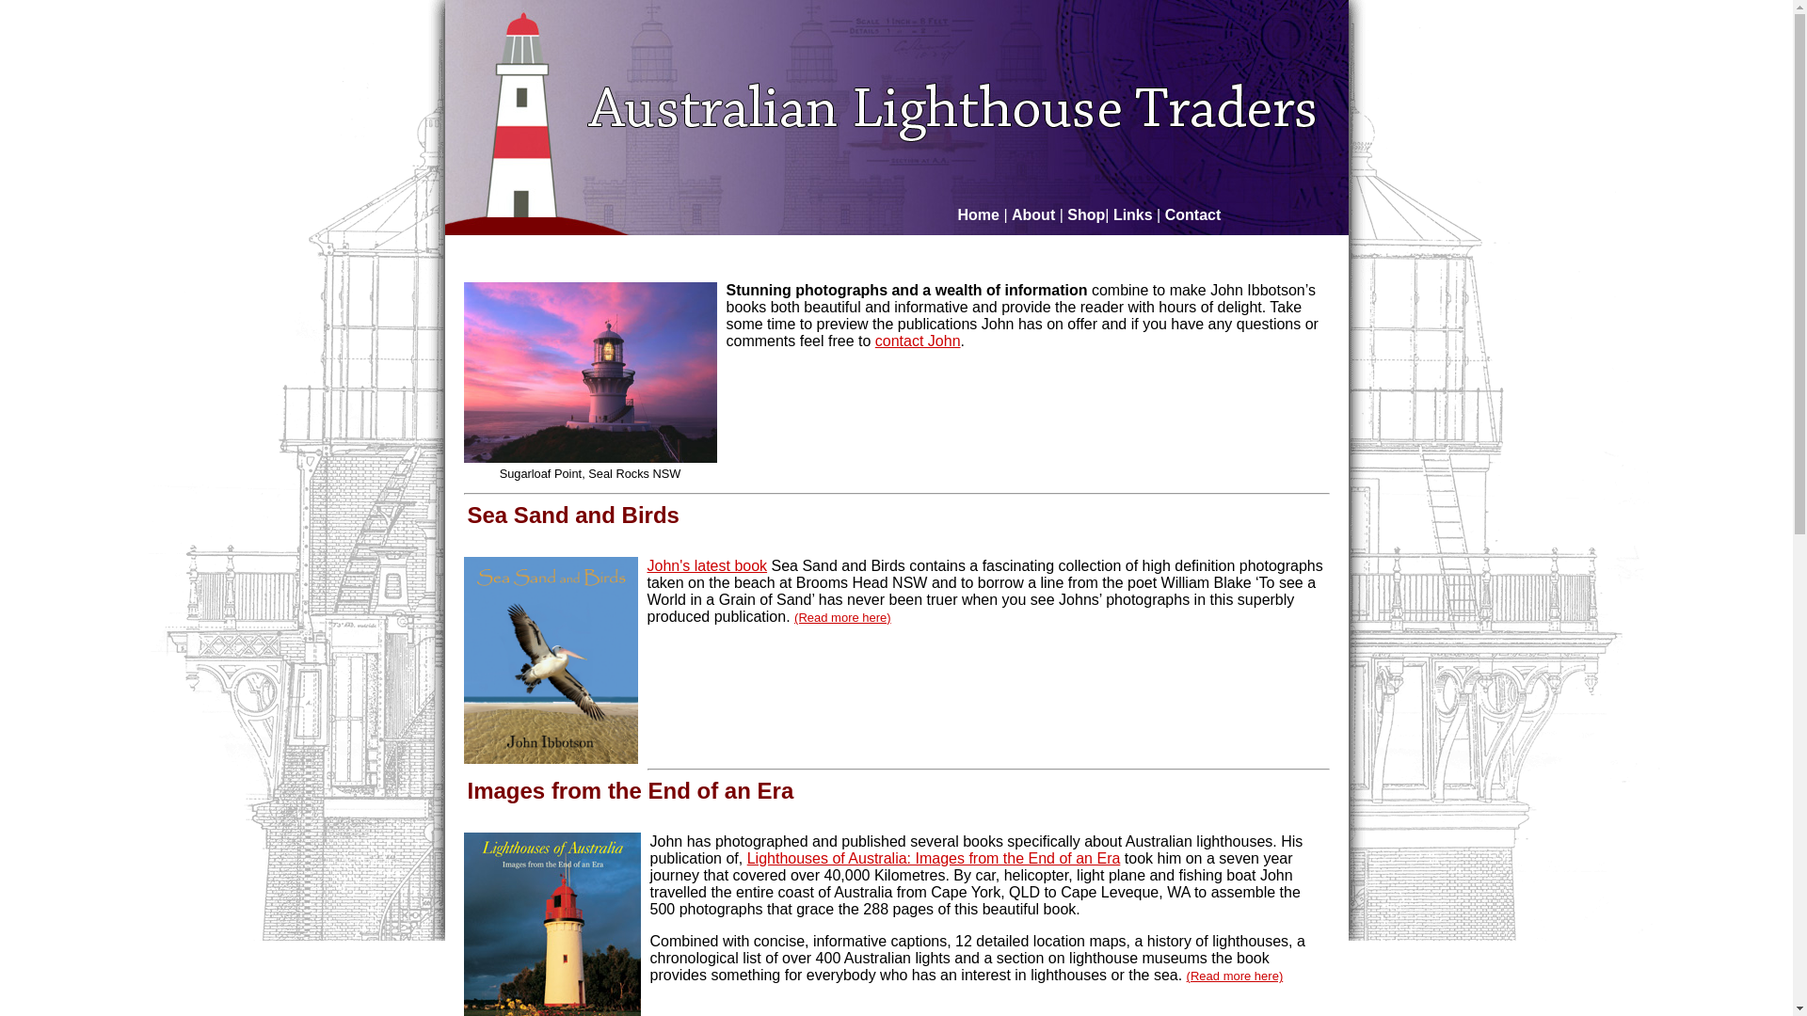 The width and height of the screenshot is (1807, 1016). I want to click on 'Lighthouses of Australia: Images from the End of an Era', so click(934, 858).